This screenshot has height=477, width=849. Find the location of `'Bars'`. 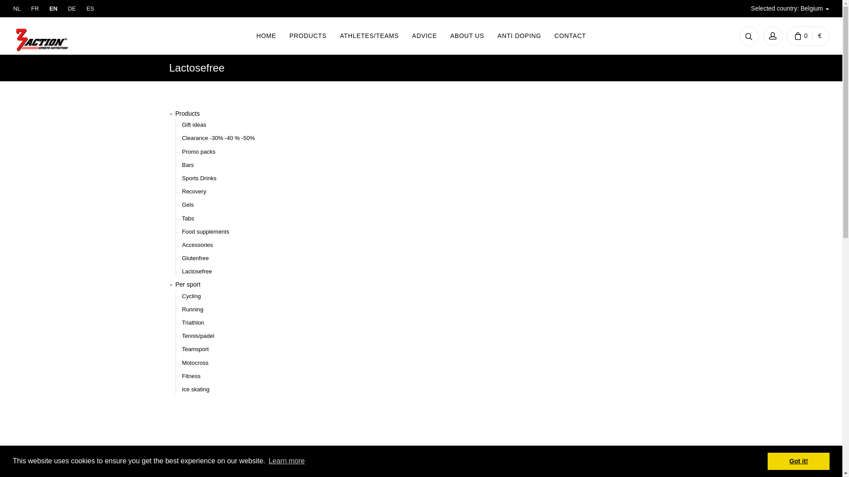

'Bars' is located at coordinates (187, 165).